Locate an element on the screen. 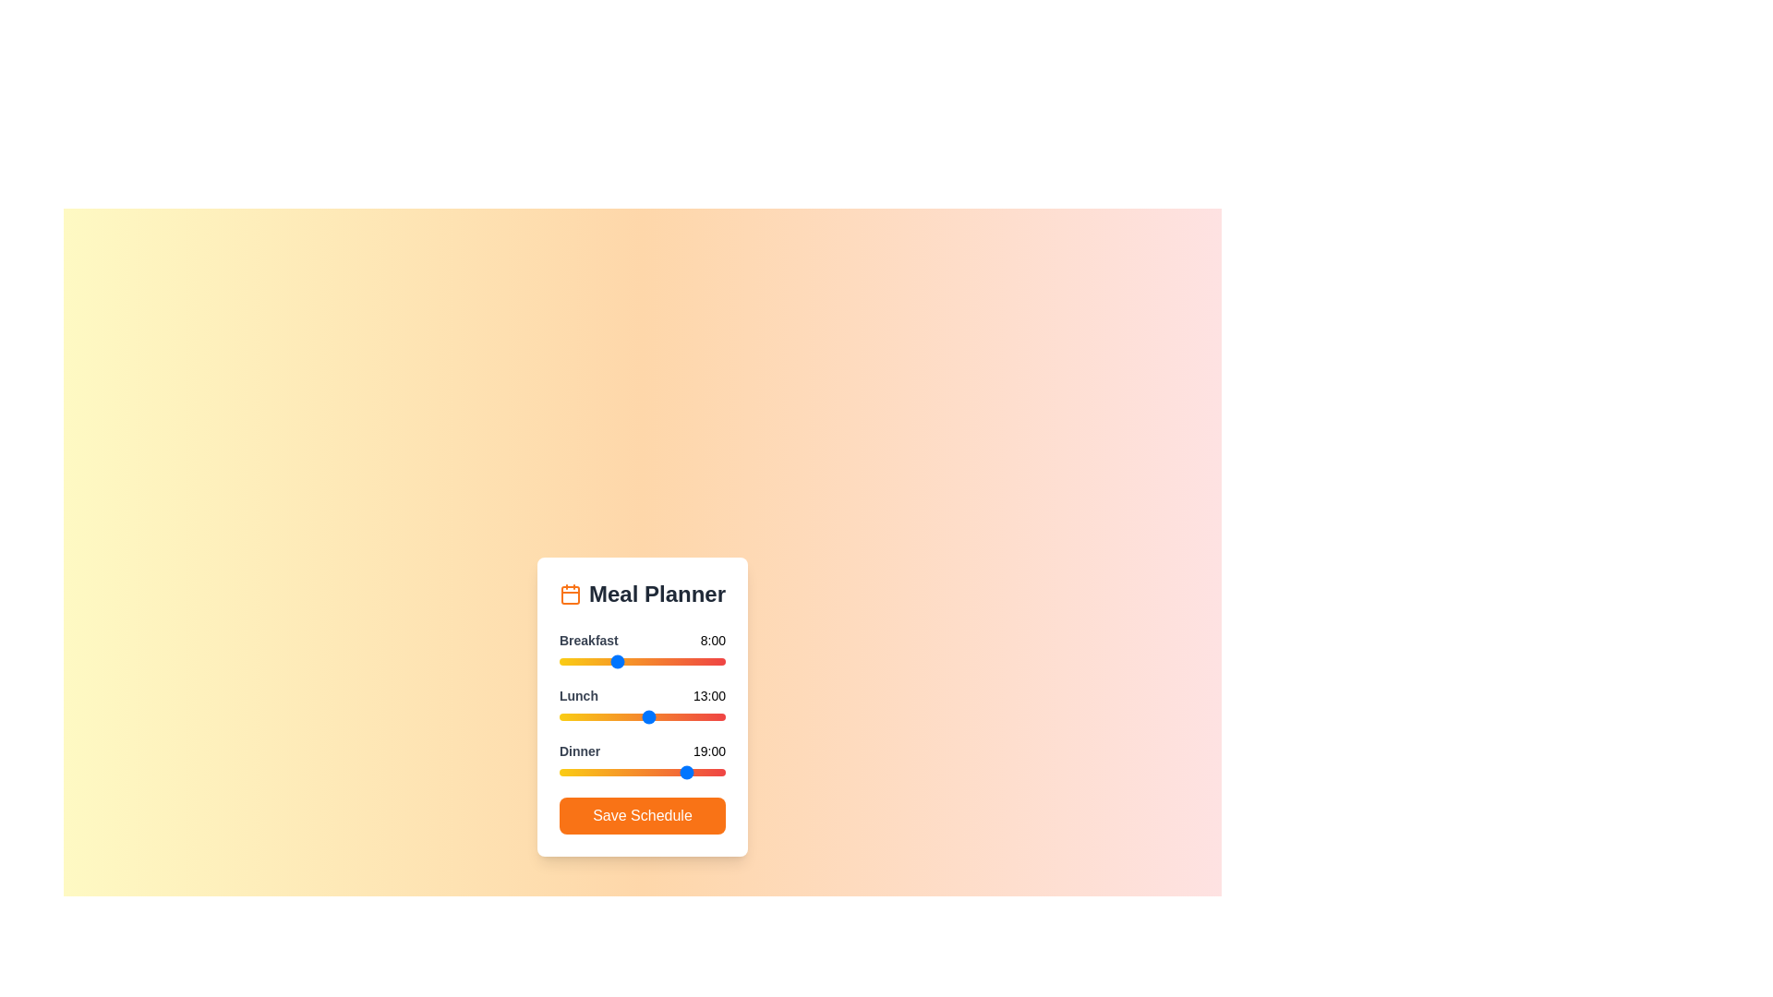 The height and width of the screenshot is (997, 1773). the 0 slider to 9 is located at coordinates (621, 661).